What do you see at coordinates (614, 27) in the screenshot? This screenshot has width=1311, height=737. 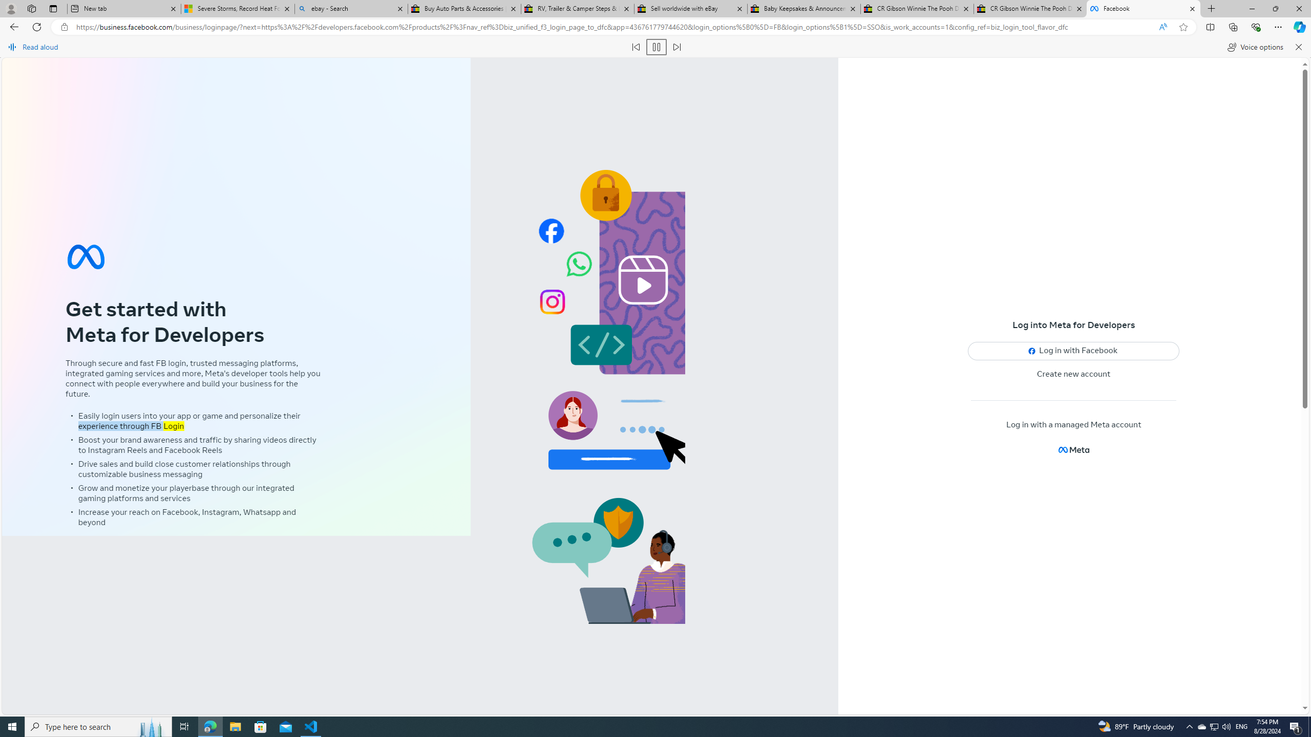 I see `'Address and search bar'` at bounding box center [614, 27].